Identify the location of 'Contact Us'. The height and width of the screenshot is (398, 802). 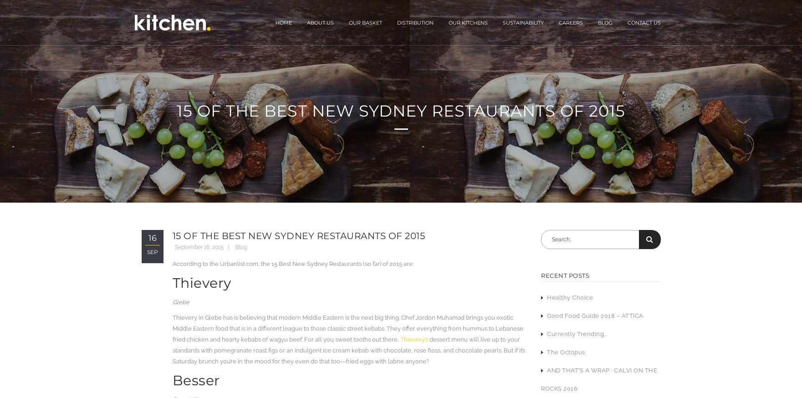
(644, 22).